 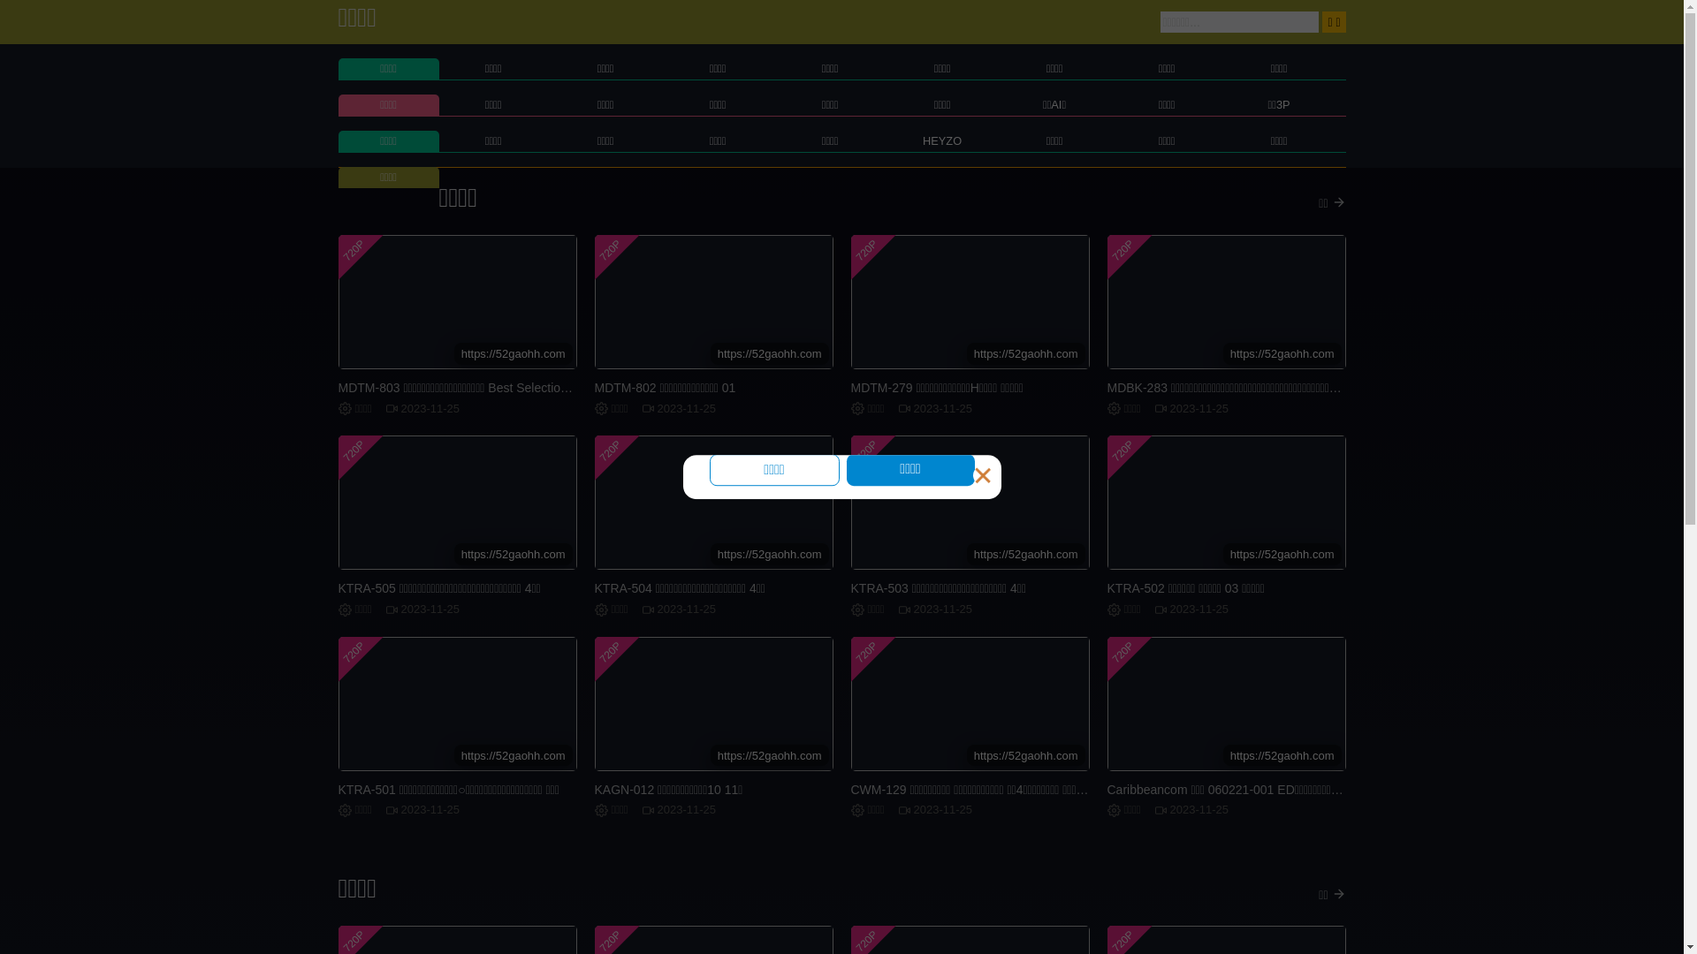 What do you see at coordinates (921, 140) in the screenshot?
I see `'HEYZO'` at bounding box center [921, 140].